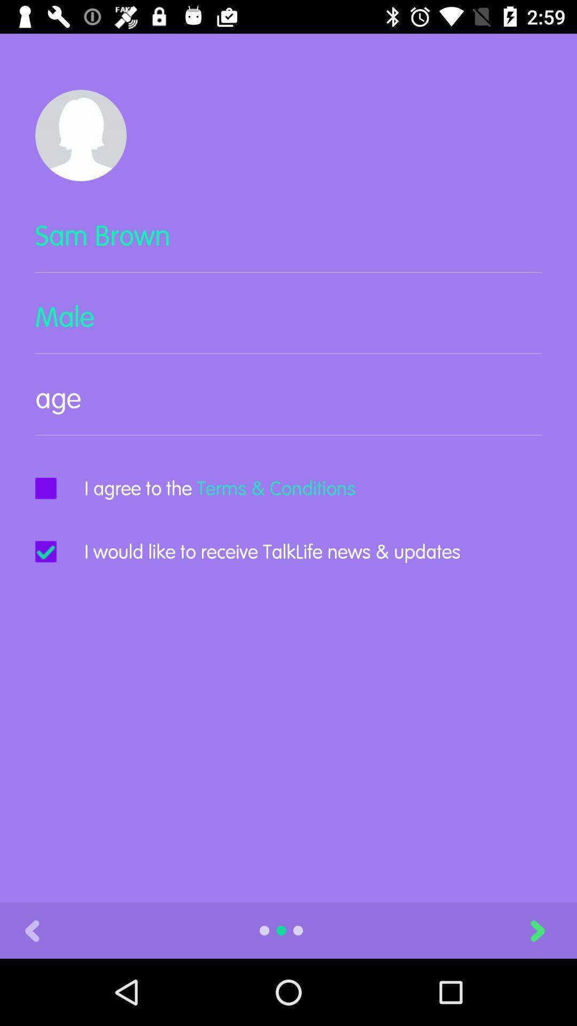  What do you see at coordinates (288, 244) in the screenshot?
I see `sam brown item` at bounding box center [288, 244].